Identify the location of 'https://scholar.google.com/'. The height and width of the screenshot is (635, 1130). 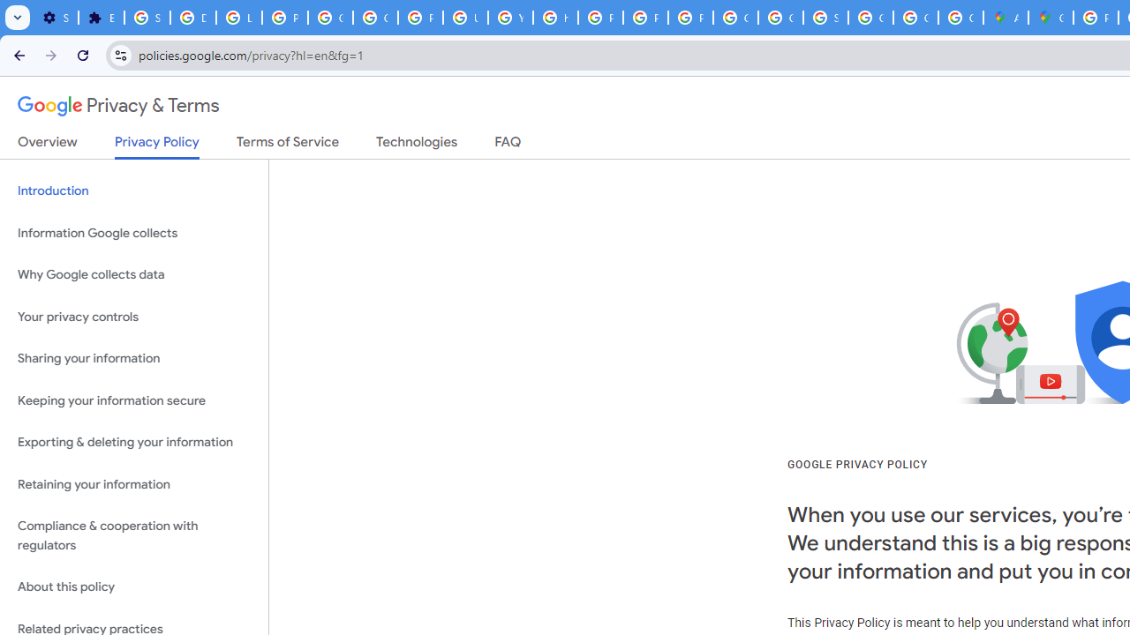
(554, 18).